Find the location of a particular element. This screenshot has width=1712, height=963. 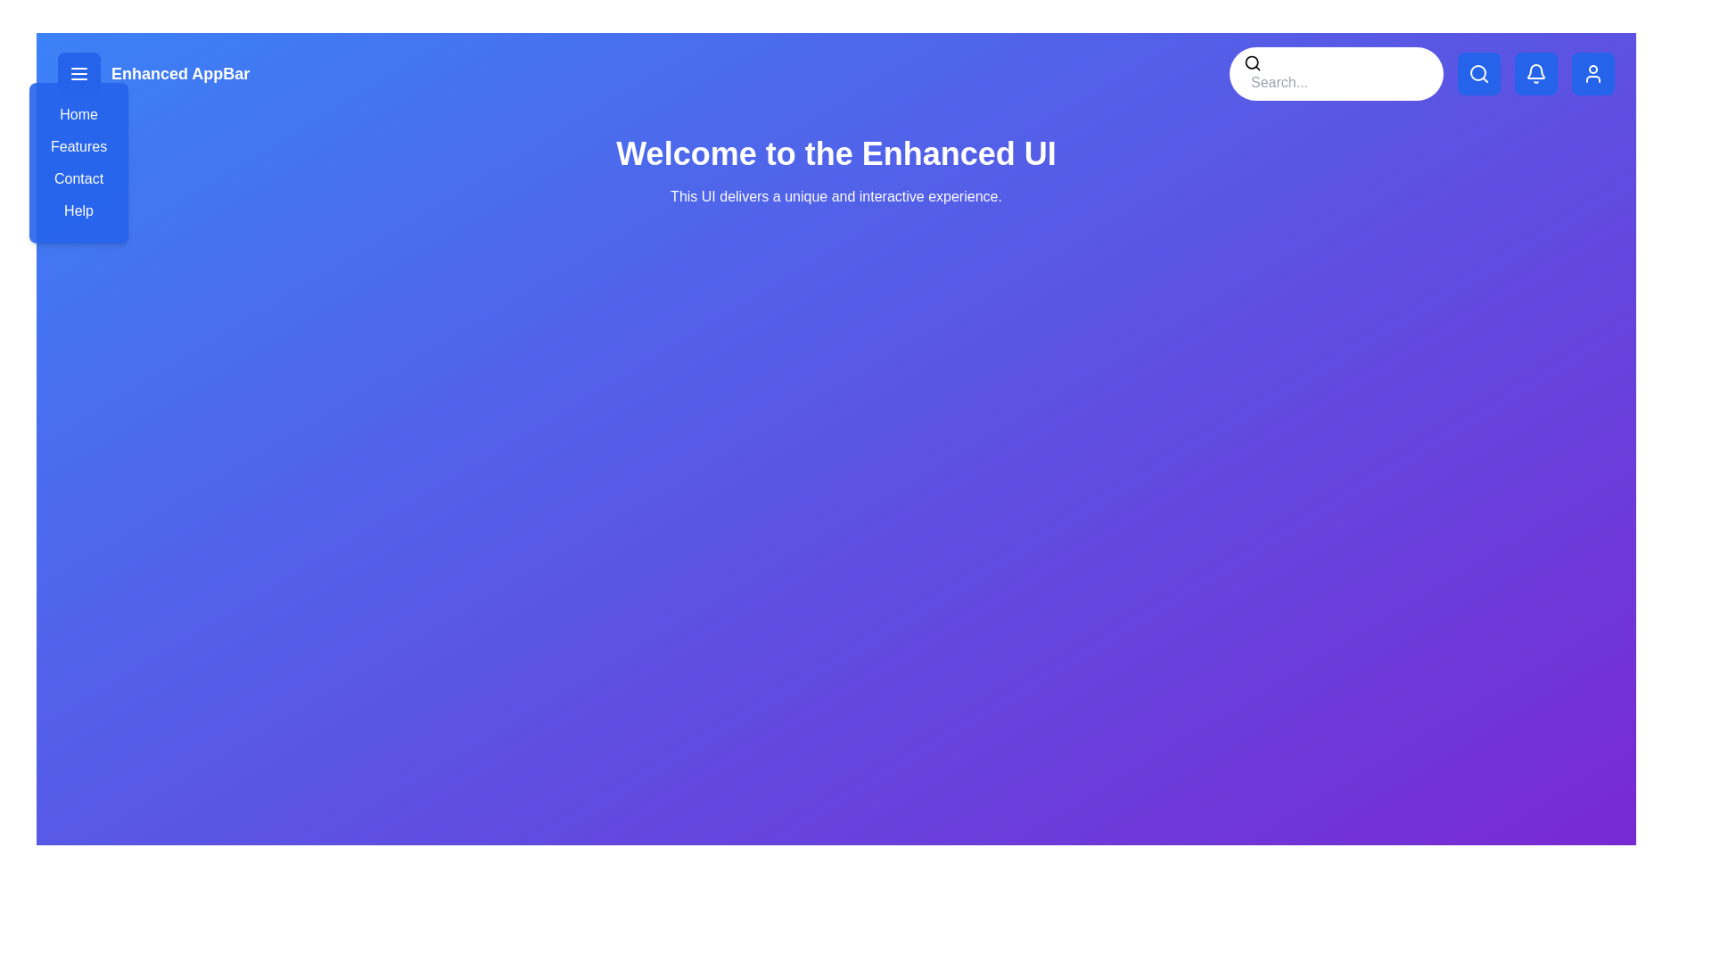

the menu item labeled Help is located at coordinates (77, 210).